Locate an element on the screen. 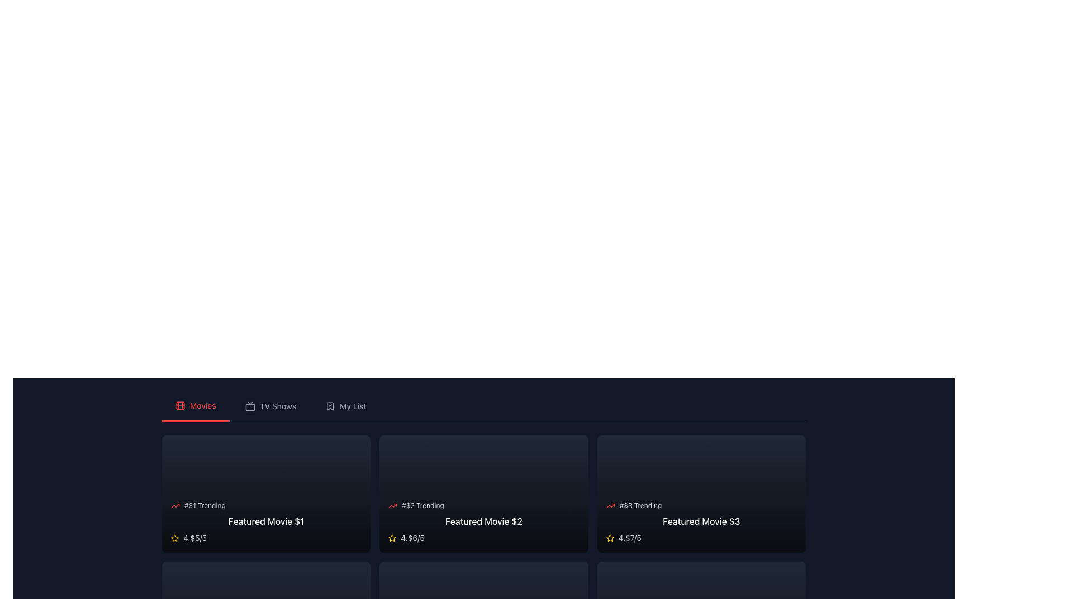 The height and width of the screenshot is (603, 1073). the star icon with yellow outlines located is located at coordinates (174, 537).